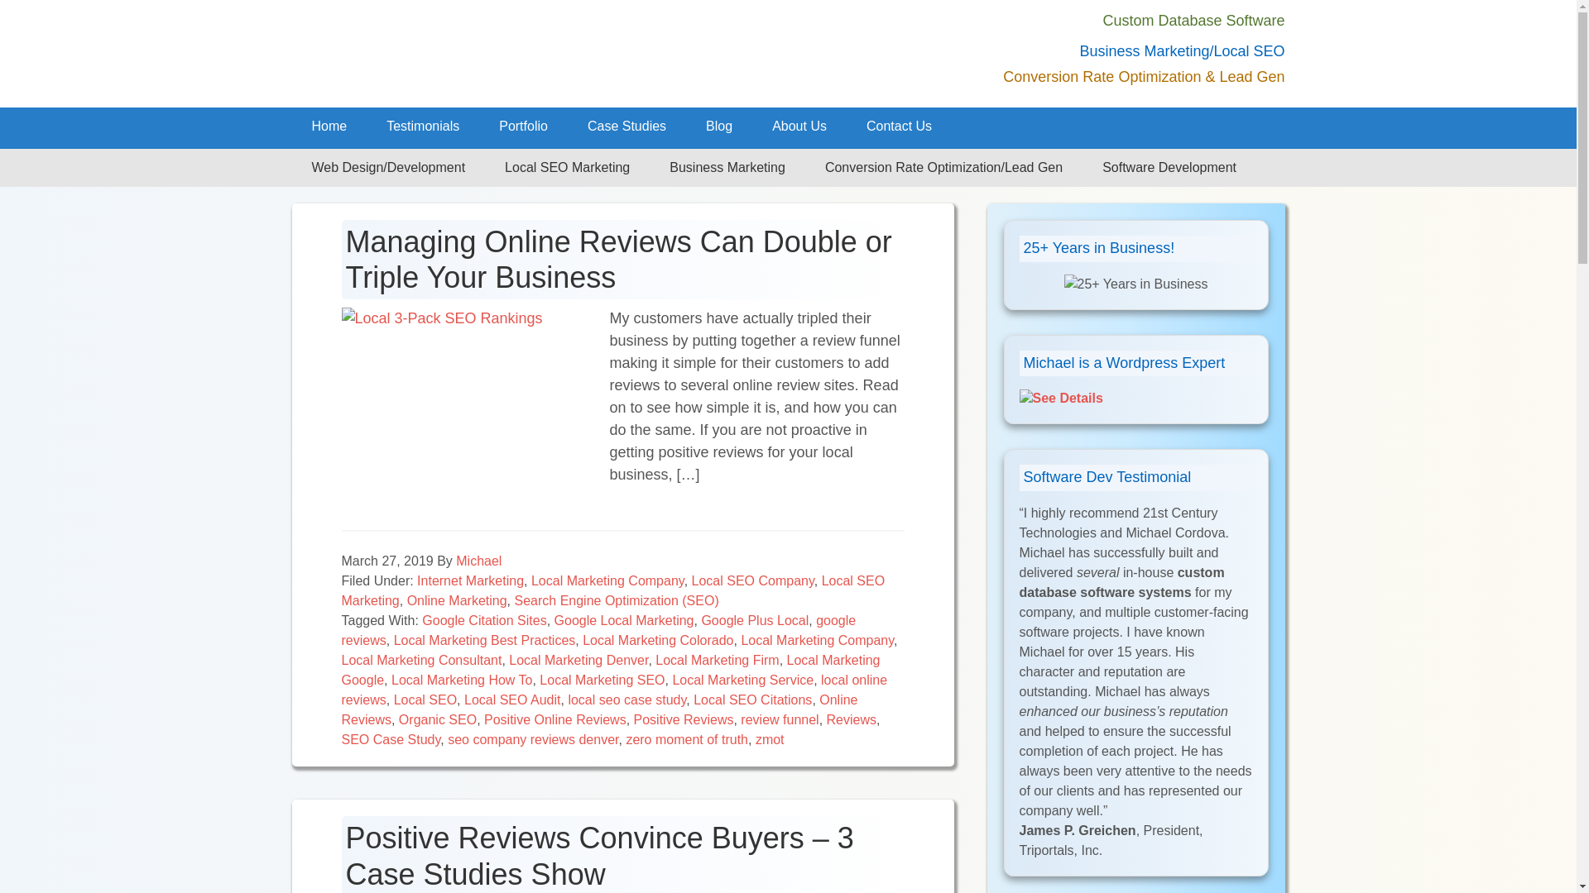  What do you see at coordinates (555, 719) in the screenshot?
I see `'Positive Online Reviews'` at bounding box center [555, 719].